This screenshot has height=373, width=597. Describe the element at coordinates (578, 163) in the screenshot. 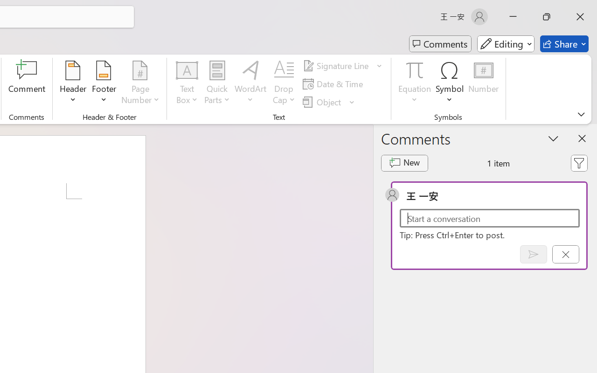

I see `'Filter'` at that location.